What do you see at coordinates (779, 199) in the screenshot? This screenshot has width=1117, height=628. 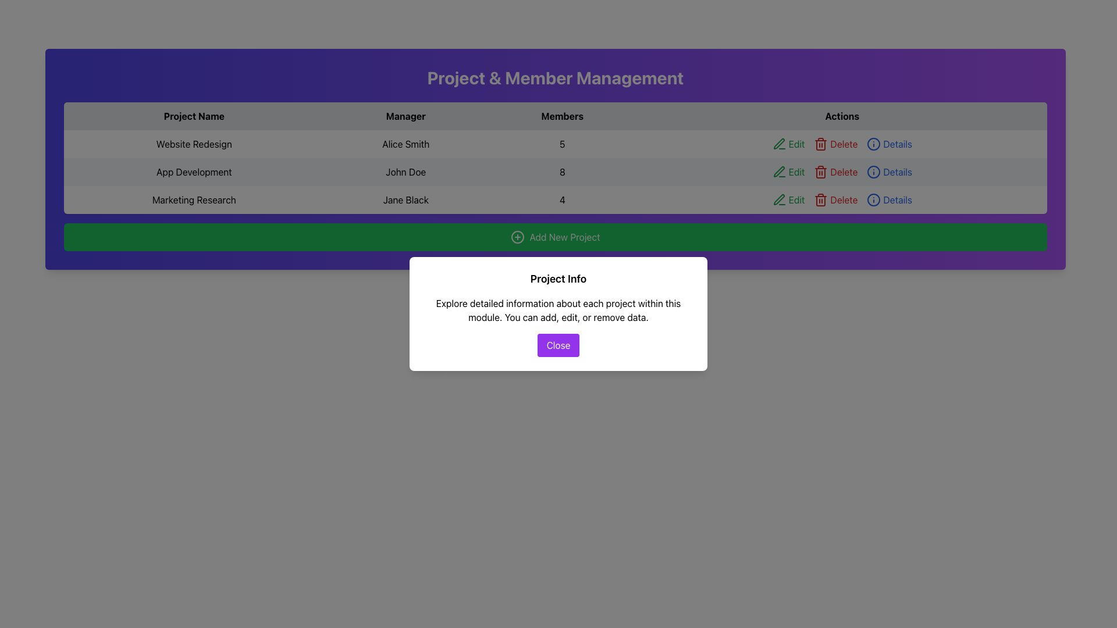 I see `the pen-shaped icon button in the 'Actions' column for the 'Marketing Research' project` at bounding box center [779, 199].